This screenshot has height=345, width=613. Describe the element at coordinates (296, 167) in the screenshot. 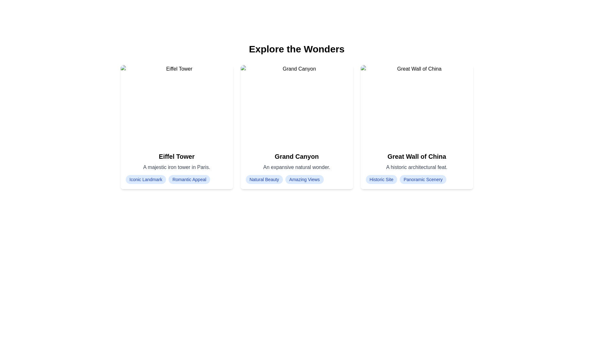

I see `title 'Grand Canyon' and the description 'An expansive natural wonder.' from the informational card with a white background and blue badges, which is the second card in a horizontal list` at that location.